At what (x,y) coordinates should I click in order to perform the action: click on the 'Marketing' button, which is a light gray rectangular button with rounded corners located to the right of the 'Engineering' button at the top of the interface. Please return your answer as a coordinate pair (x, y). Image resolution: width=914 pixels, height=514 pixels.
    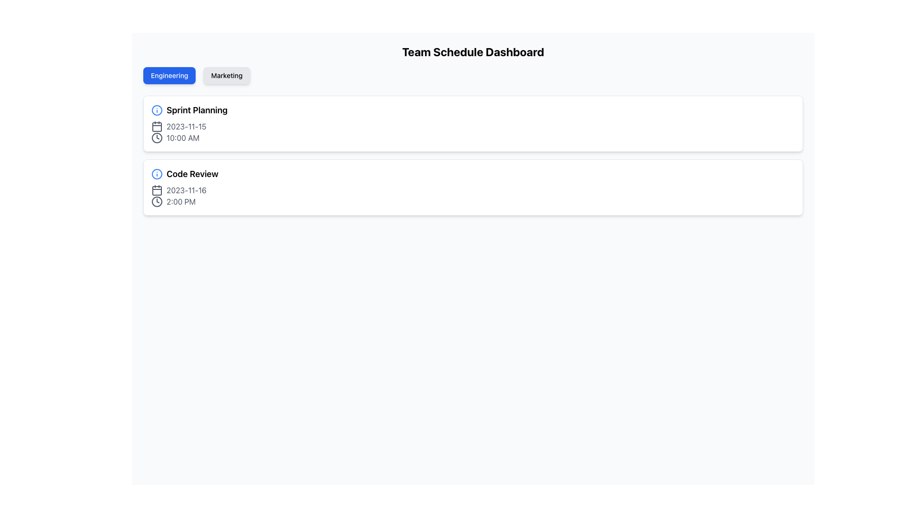
    Looking at the image, I should click on (226, 75).